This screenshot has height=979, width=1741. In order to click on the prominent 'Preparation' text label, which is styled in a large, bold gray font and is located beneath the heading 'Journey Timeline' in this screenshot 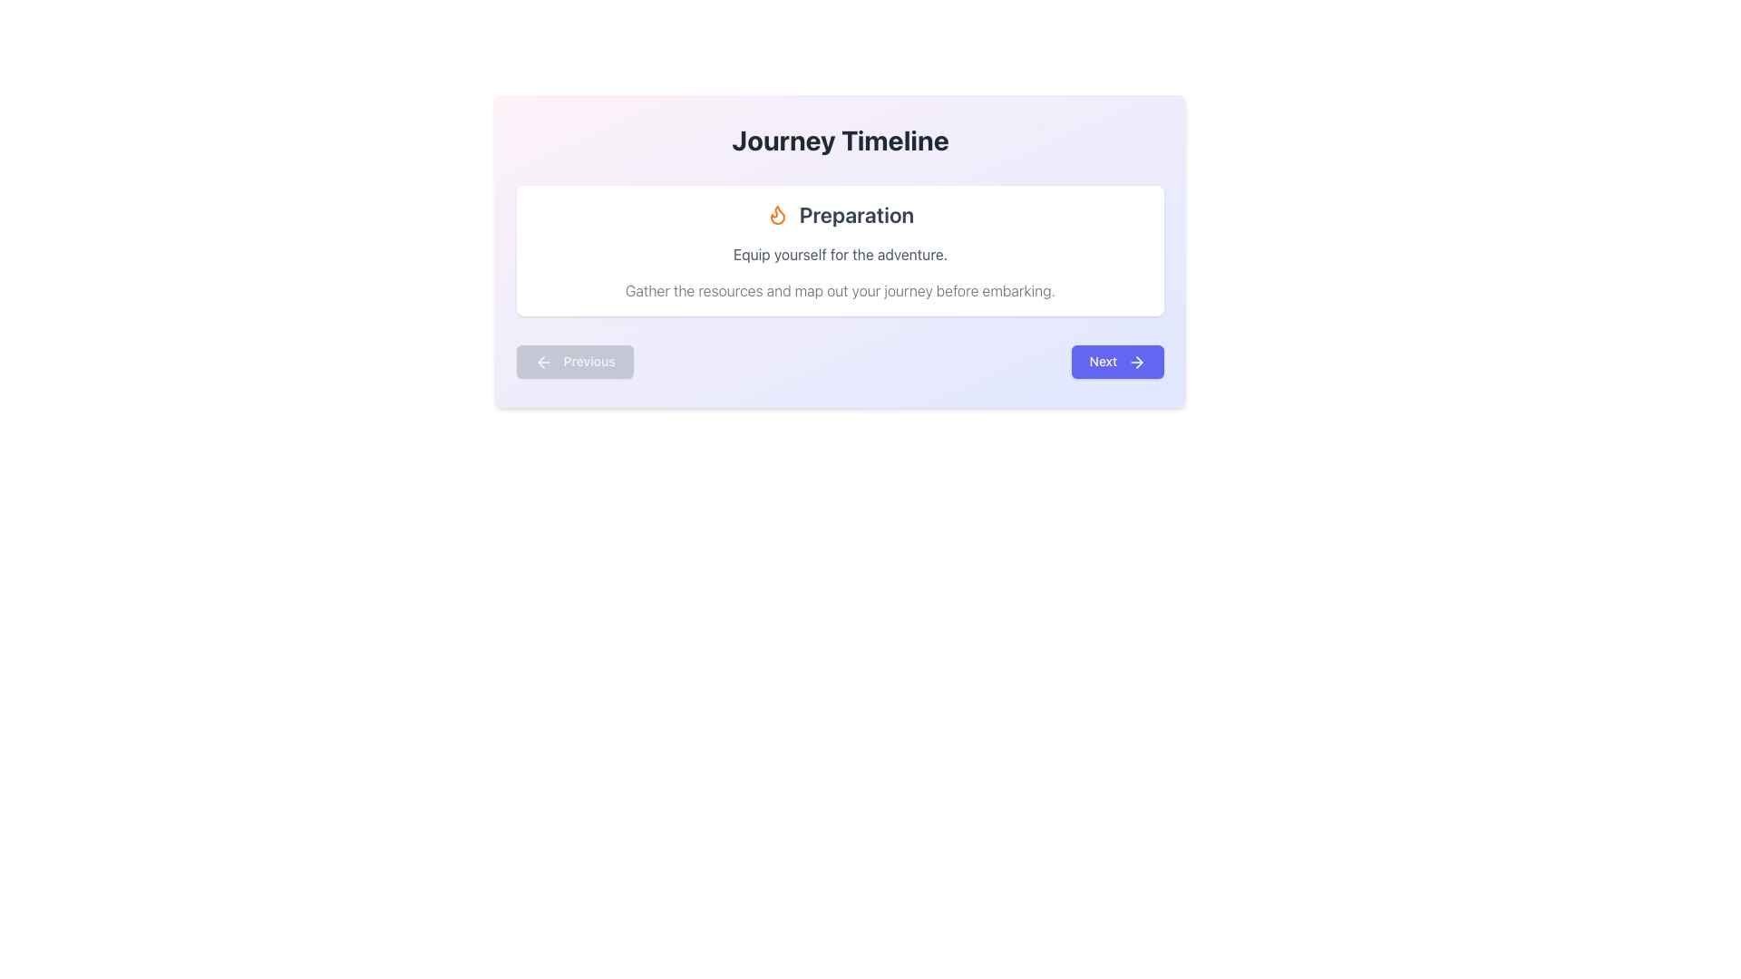, I will do `click(856, 213)`.